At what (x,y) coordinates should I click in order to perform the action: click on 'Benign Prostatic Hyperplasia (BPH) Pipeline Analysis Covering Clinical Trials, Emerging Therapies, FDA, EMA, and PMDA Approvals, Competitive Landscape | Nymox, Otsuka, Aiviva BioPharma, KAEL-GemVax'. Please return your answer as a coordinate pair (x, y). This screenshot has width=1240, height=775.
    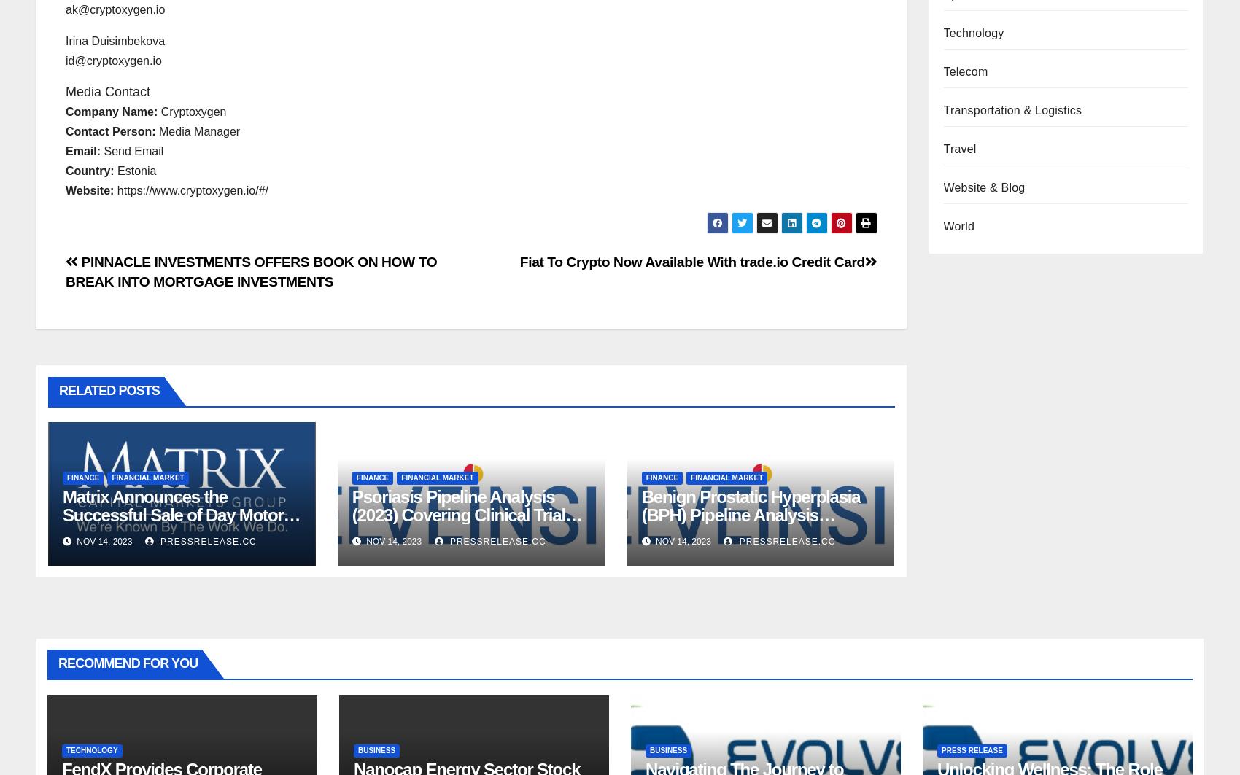
    Looking at the image, I should click on (750, 559).